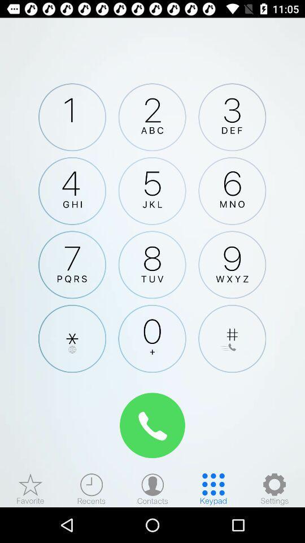  What do you see at coordinates (274, 488) in the screenshot?
I see `different settings to call` at bounding box center [274, 488].